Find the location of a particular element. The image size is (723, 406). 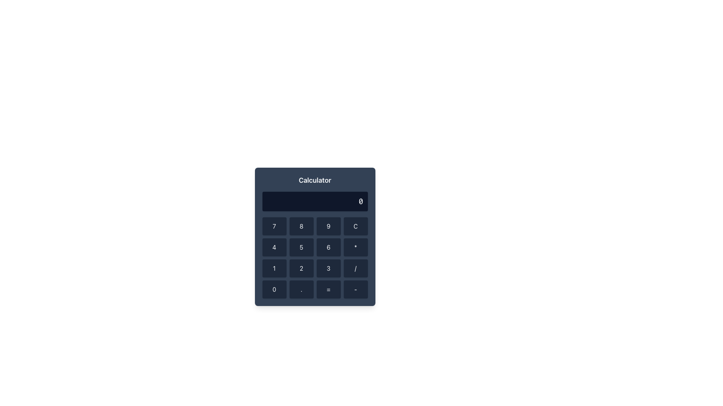

the button with a dark slate background and a white '-' character, located in the bottom-right corner of a 4x4 grid in the calculator interface is located at coordinates (355, 289).